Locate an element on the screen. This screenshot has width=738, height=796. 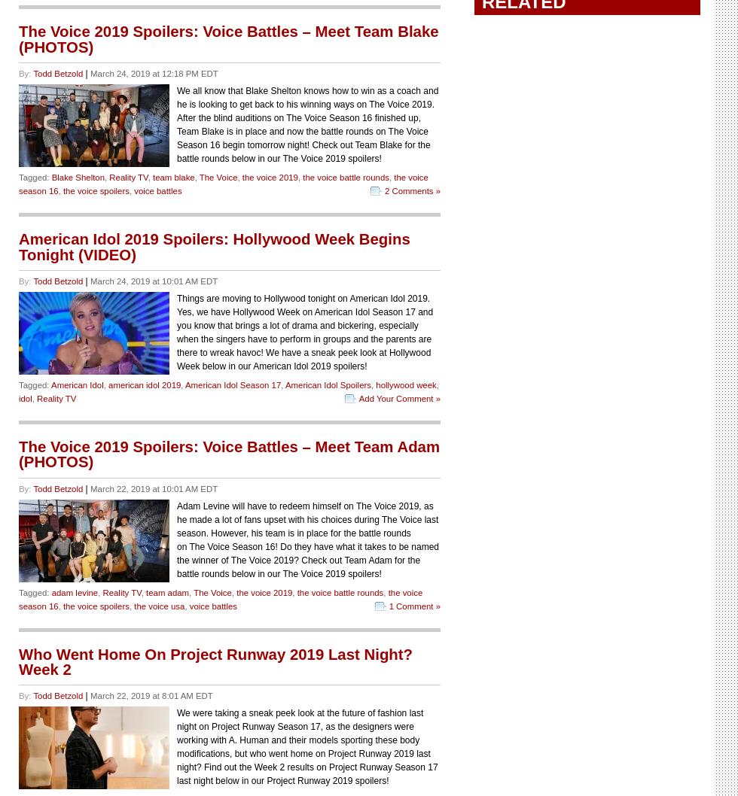
'Who Went Home On Project Runway 2019 Last Night? Week 2' is located at coordinates (215, 661).